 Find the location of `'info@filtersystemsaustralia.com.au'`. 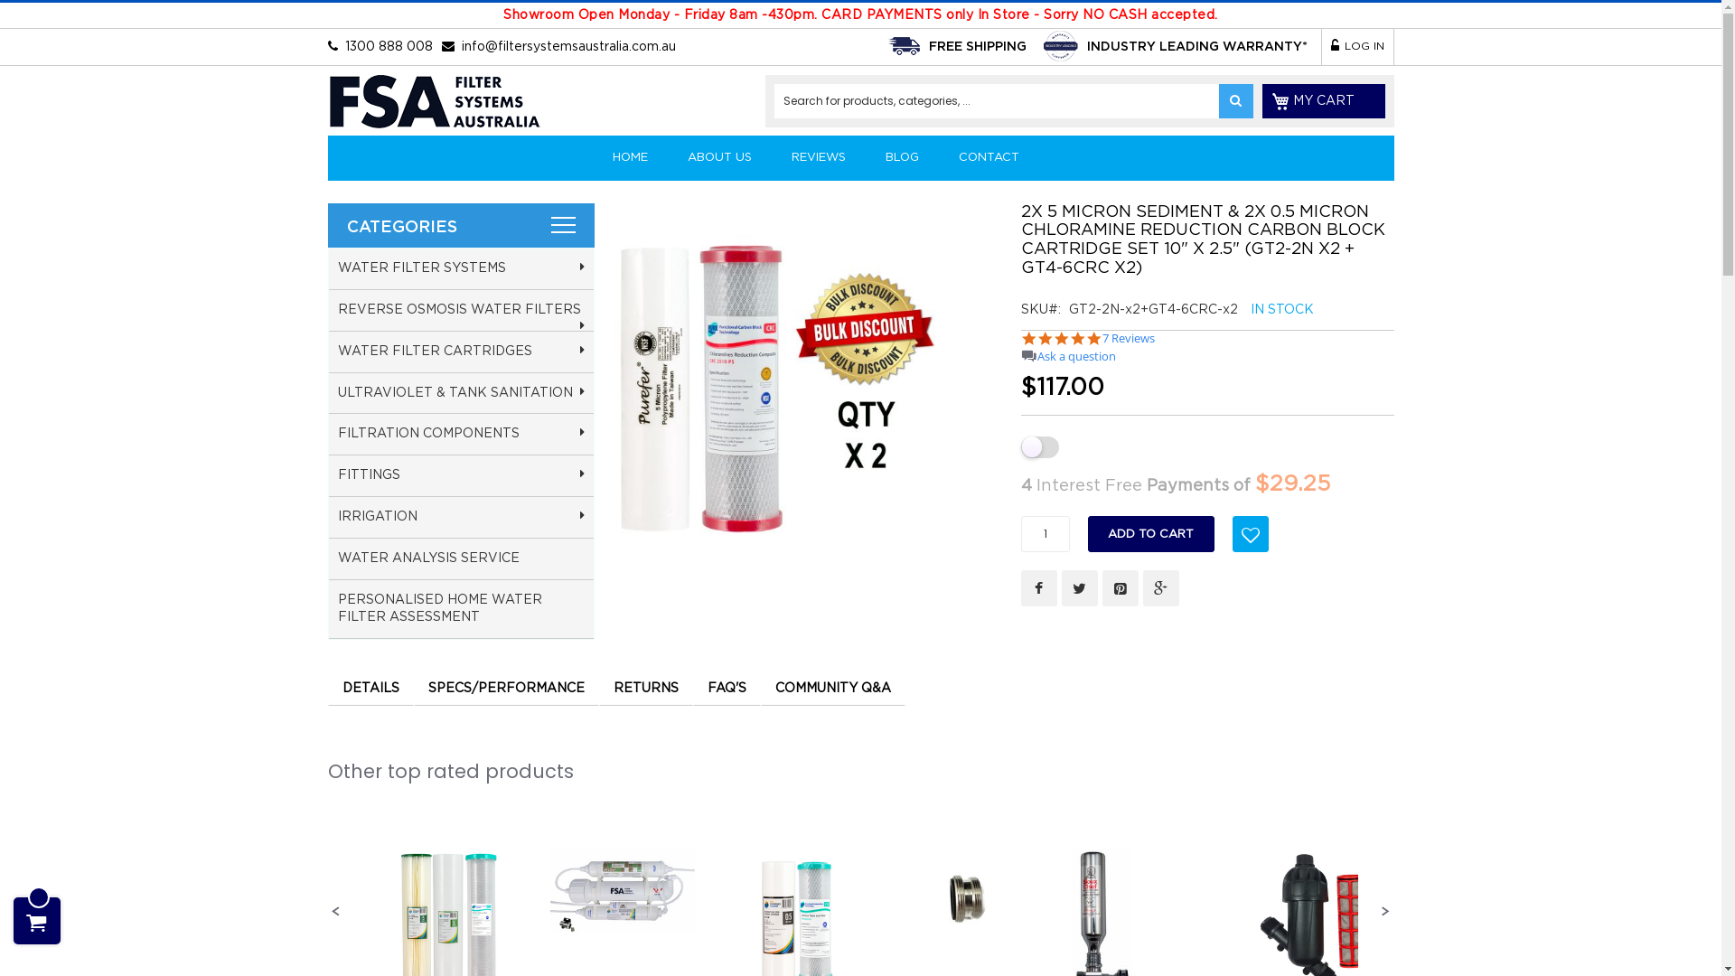

'info@filtersystemsaustralia.com.au' is located at coordinates (567, 45).